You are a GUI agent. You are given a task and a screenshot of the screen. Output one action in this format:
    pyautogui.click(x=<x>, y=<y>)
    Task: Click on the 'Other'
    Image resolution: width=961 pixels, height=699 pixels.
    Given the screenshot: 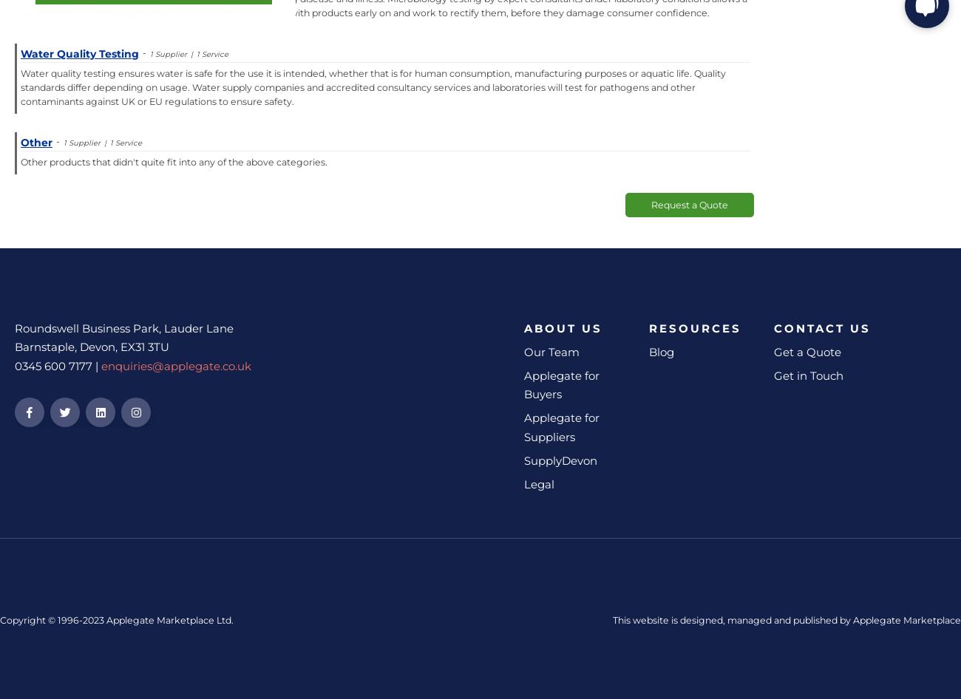 What is the action you would take?
    pyautogui.click(x=19, y=142)
    